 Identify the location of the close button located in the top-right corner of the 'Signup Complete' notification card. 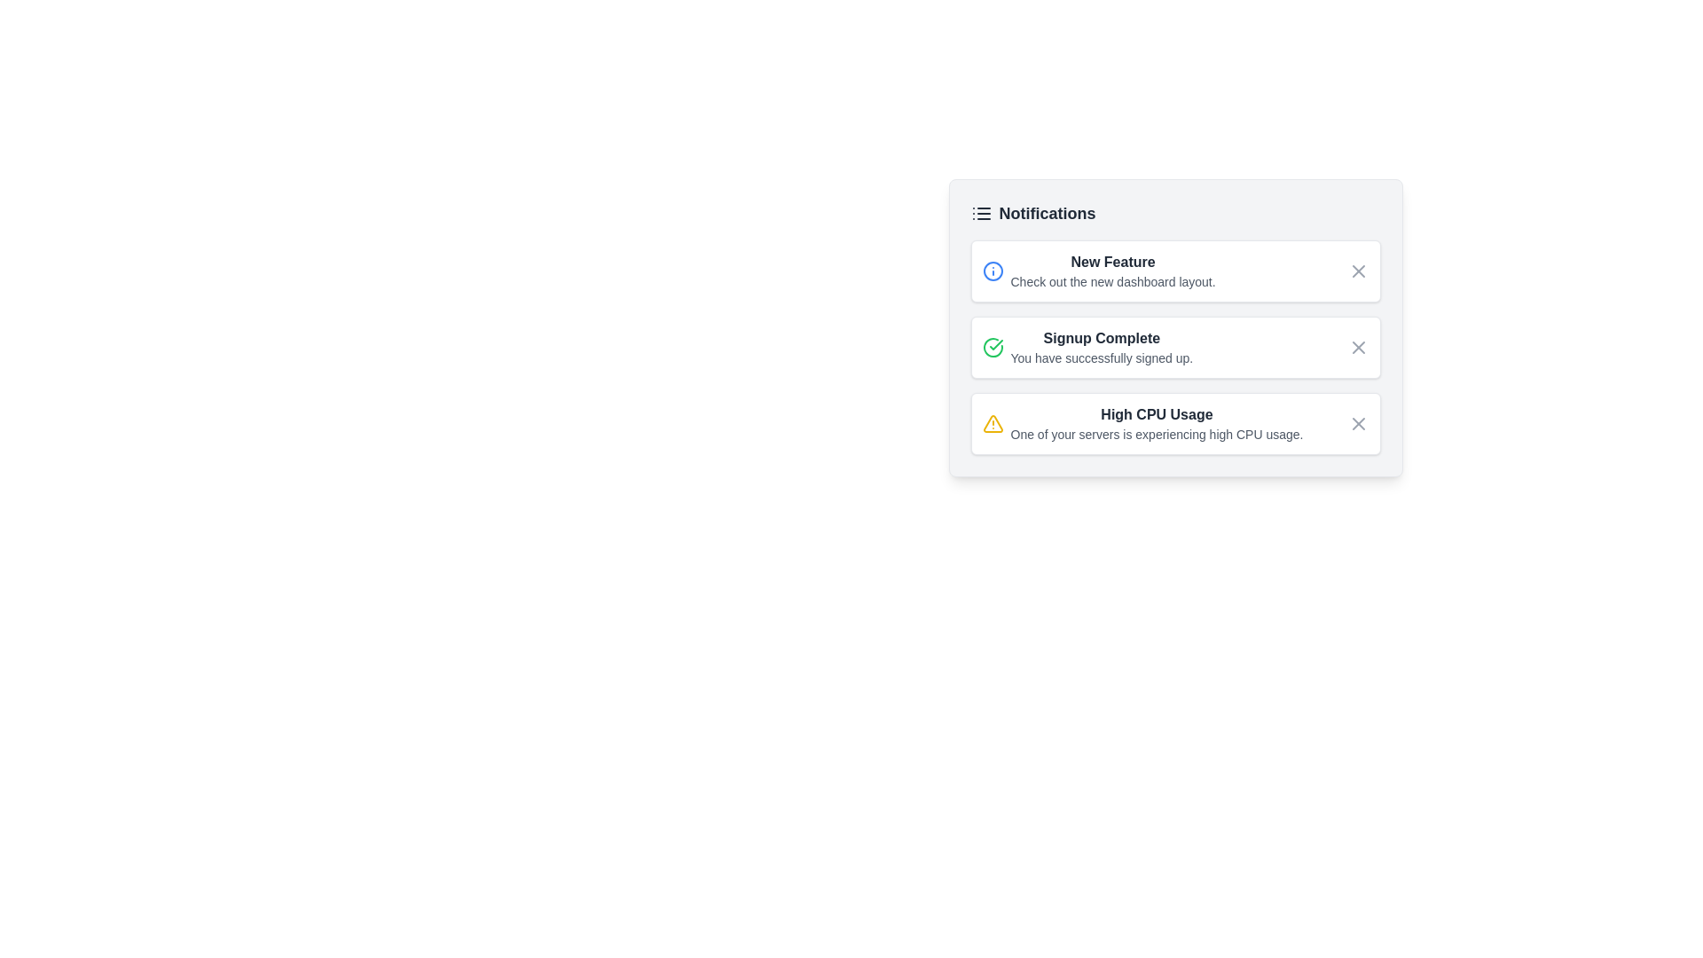
(1357, 348).